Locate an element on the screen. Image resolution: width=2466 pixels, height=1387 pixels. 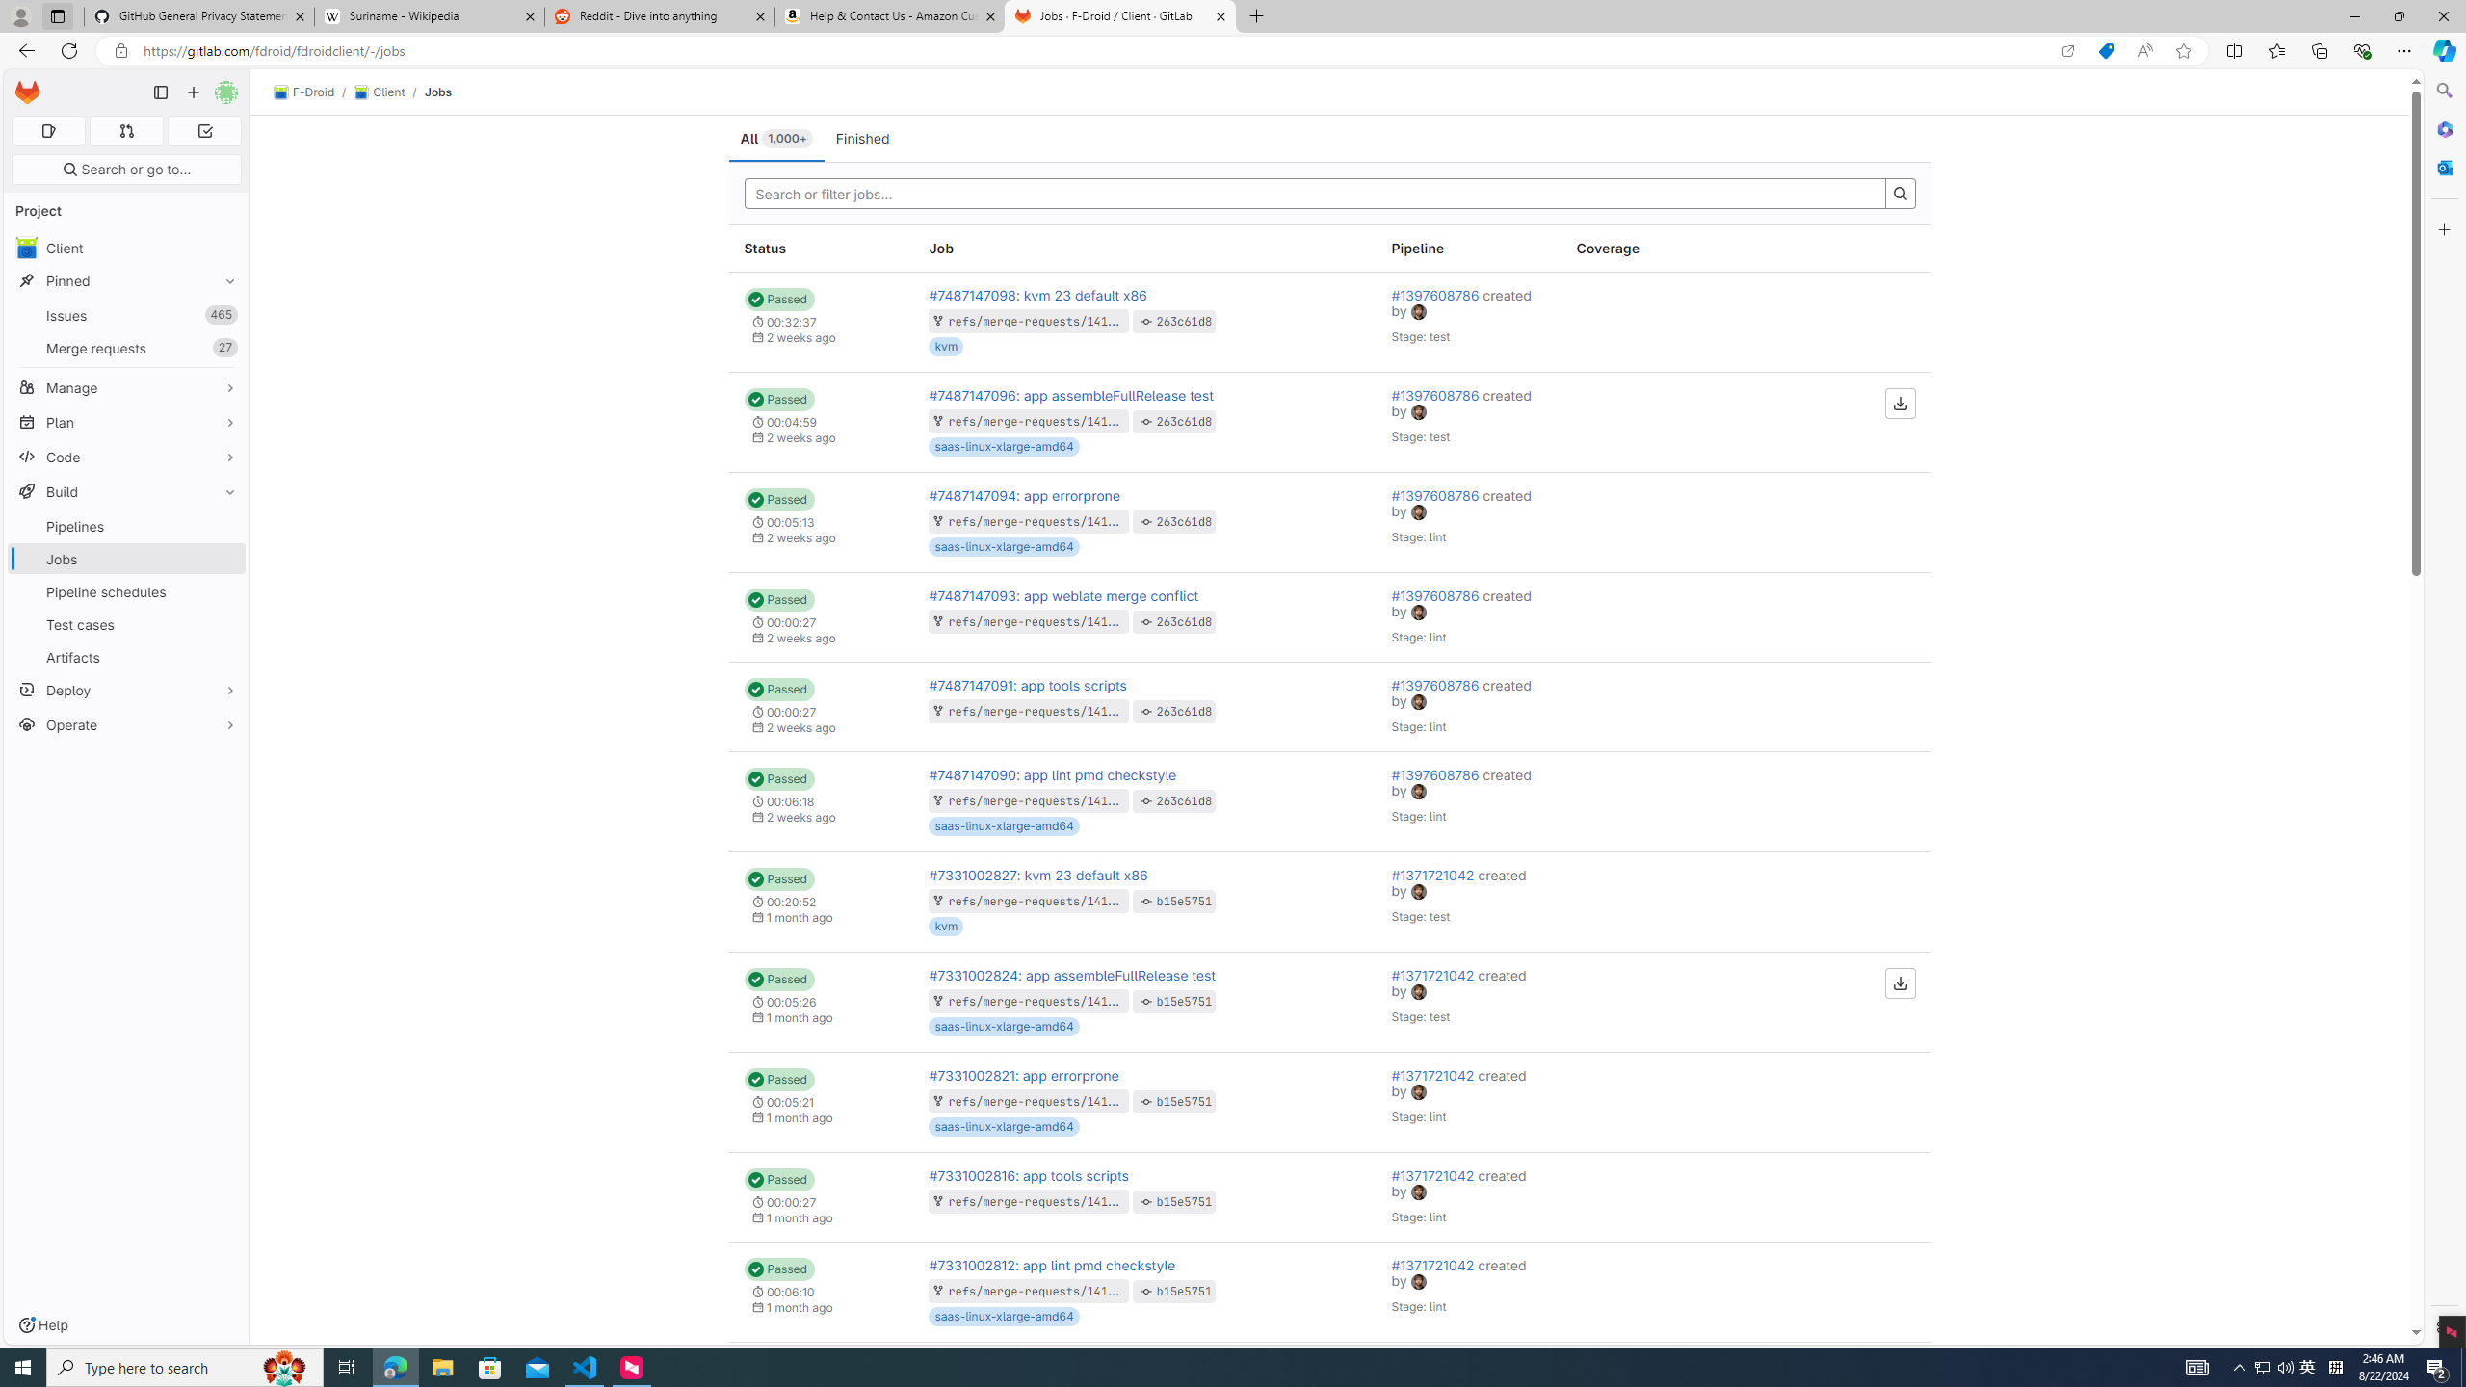
'Code' is located at coordinates (125, 457).